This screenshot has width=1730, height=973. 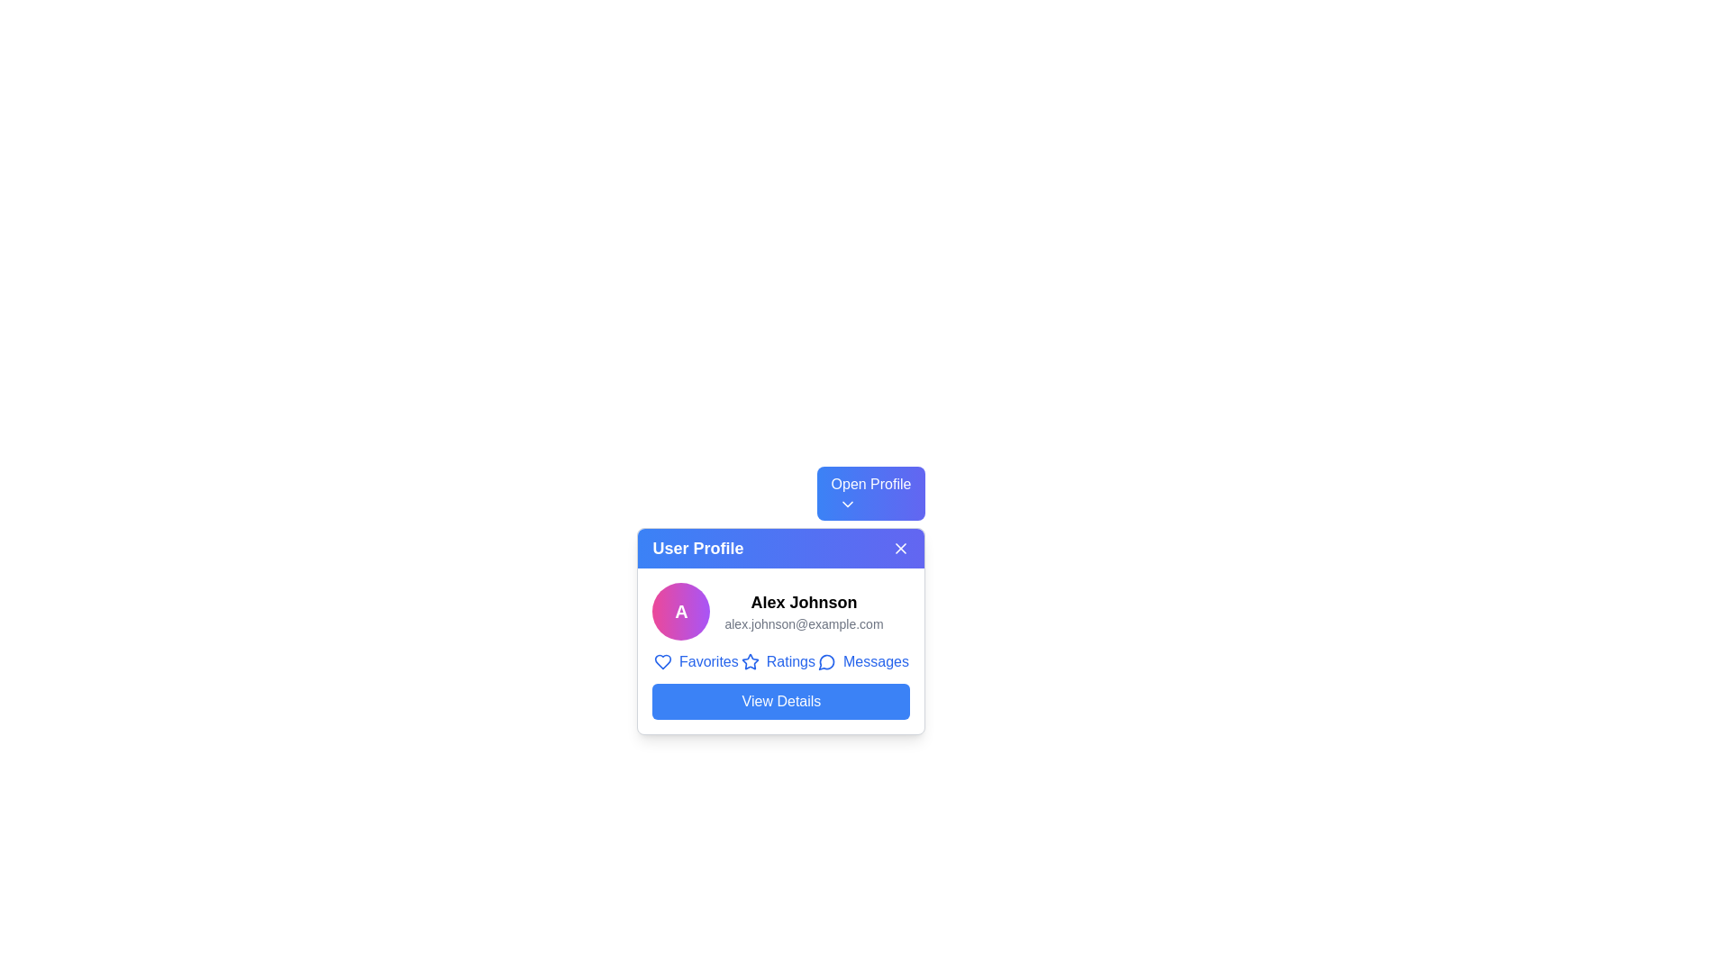 What do you see at coordinates (862, 662) in the screenshot?
I see `the 'Messages' link, which is styled in bold blue text with a speech bubble icon, located below the user profile card and following the 'Ratings' link` at bounding box center [862, 662].